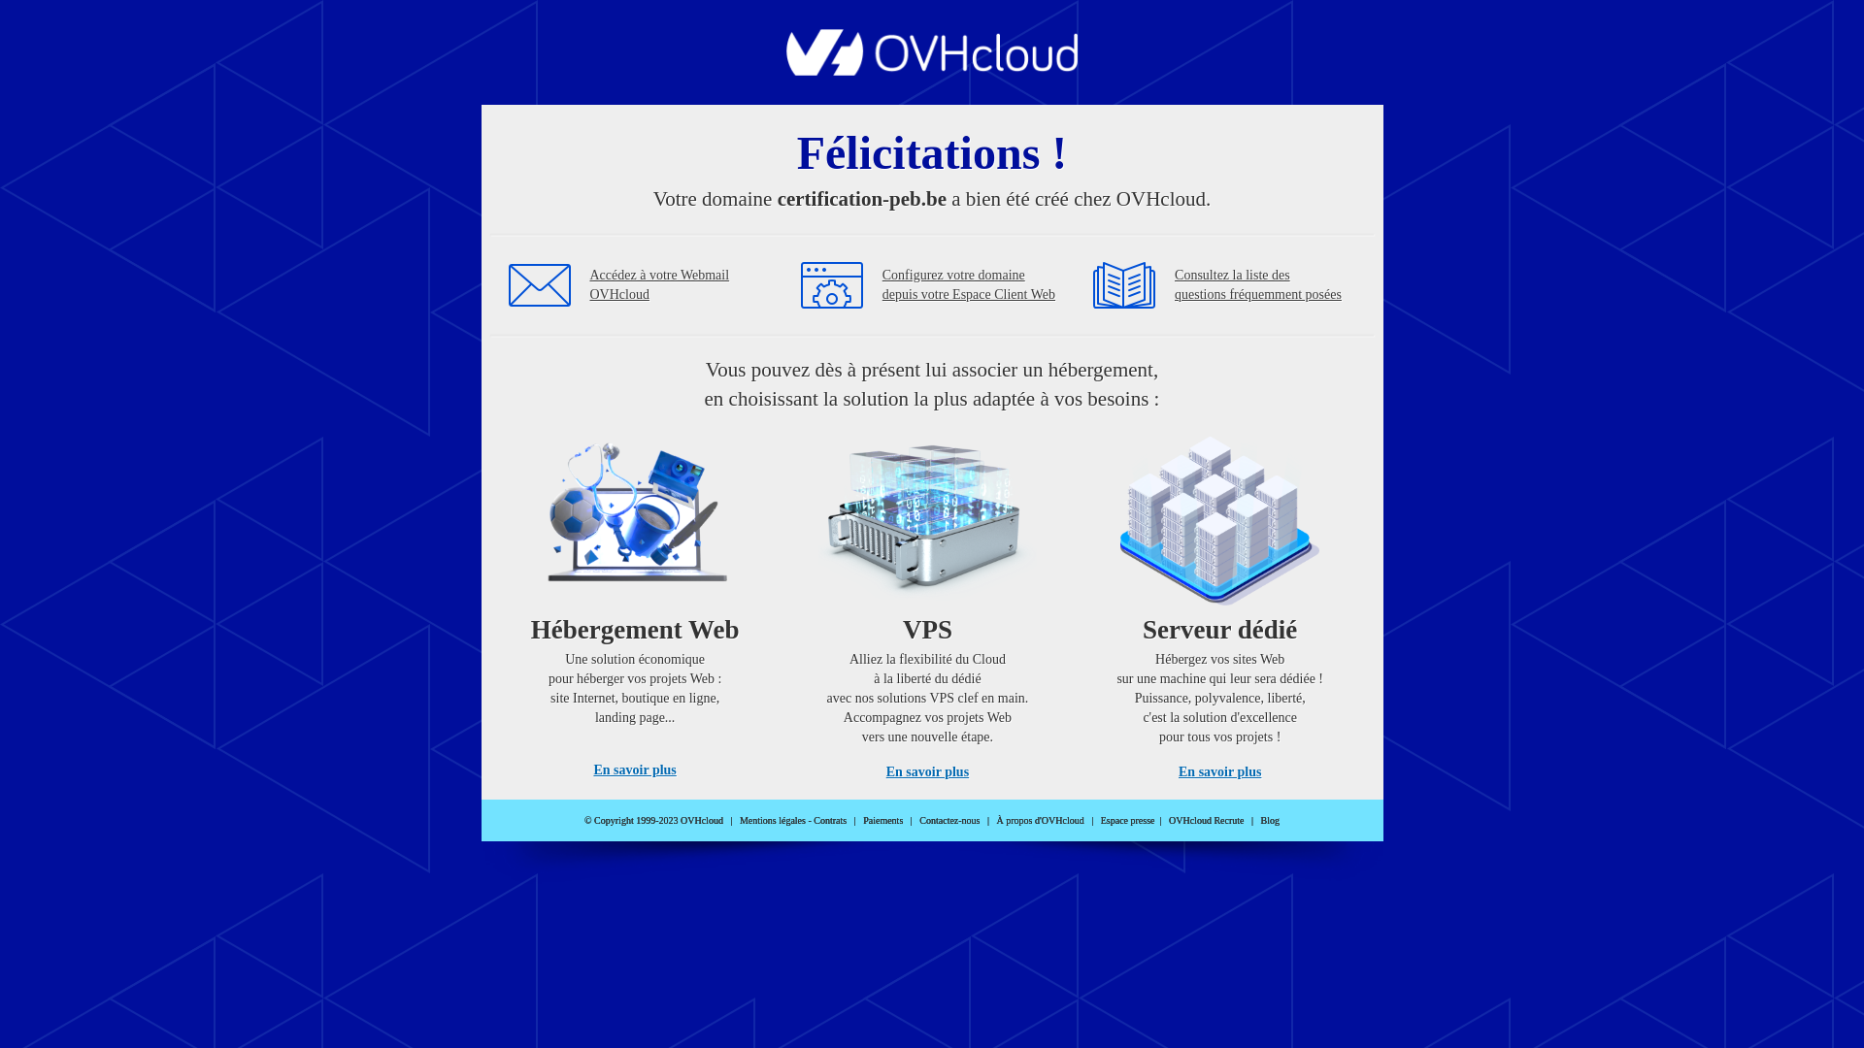 Image resolution: width=1864 pixels, height=1048 pixels. What do you see at coordinates (1168, 820) in the screenshot?
I see `'OVHcloud Recrute'` at bounding box center [1168, 820].